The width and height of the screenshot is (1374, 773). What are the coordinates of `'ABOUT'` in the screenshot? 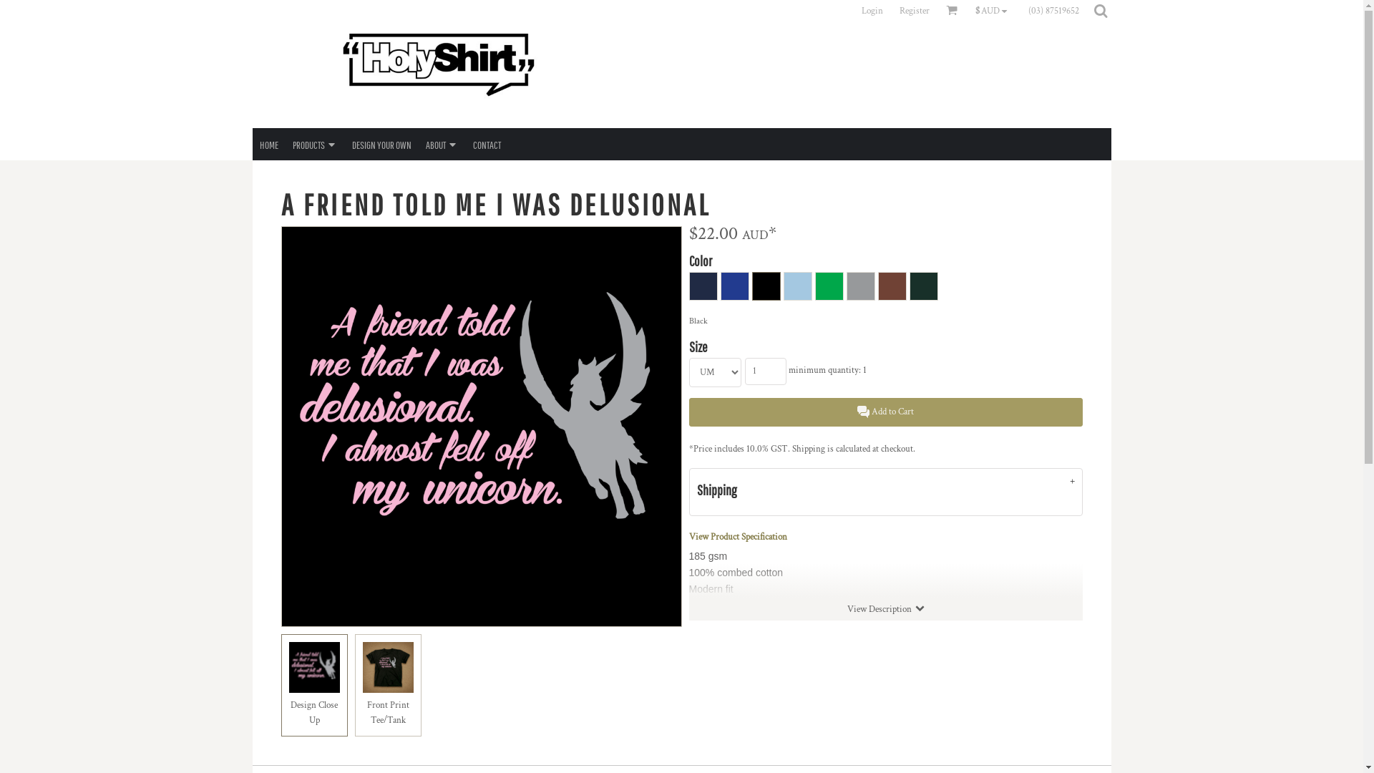 It's located at (441, 144).